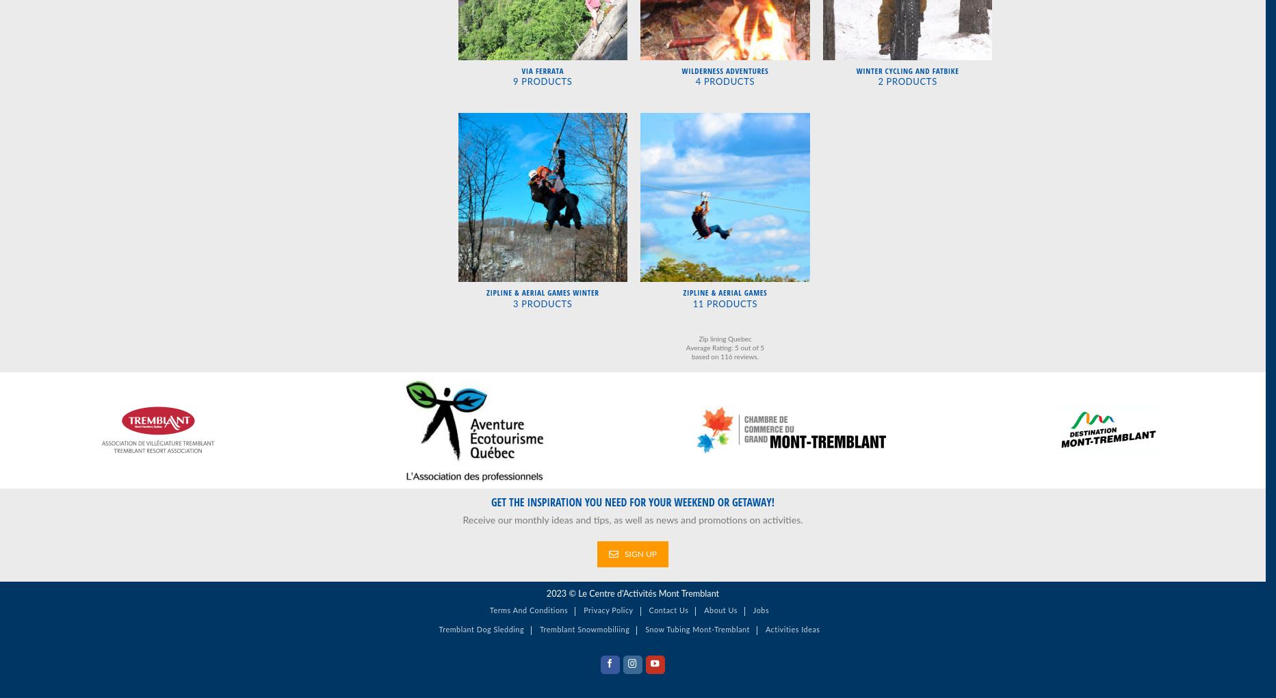 The width and height of the screenshot is (1276, 698). I want to click on 'Via Ferrata', so click(541, 69).